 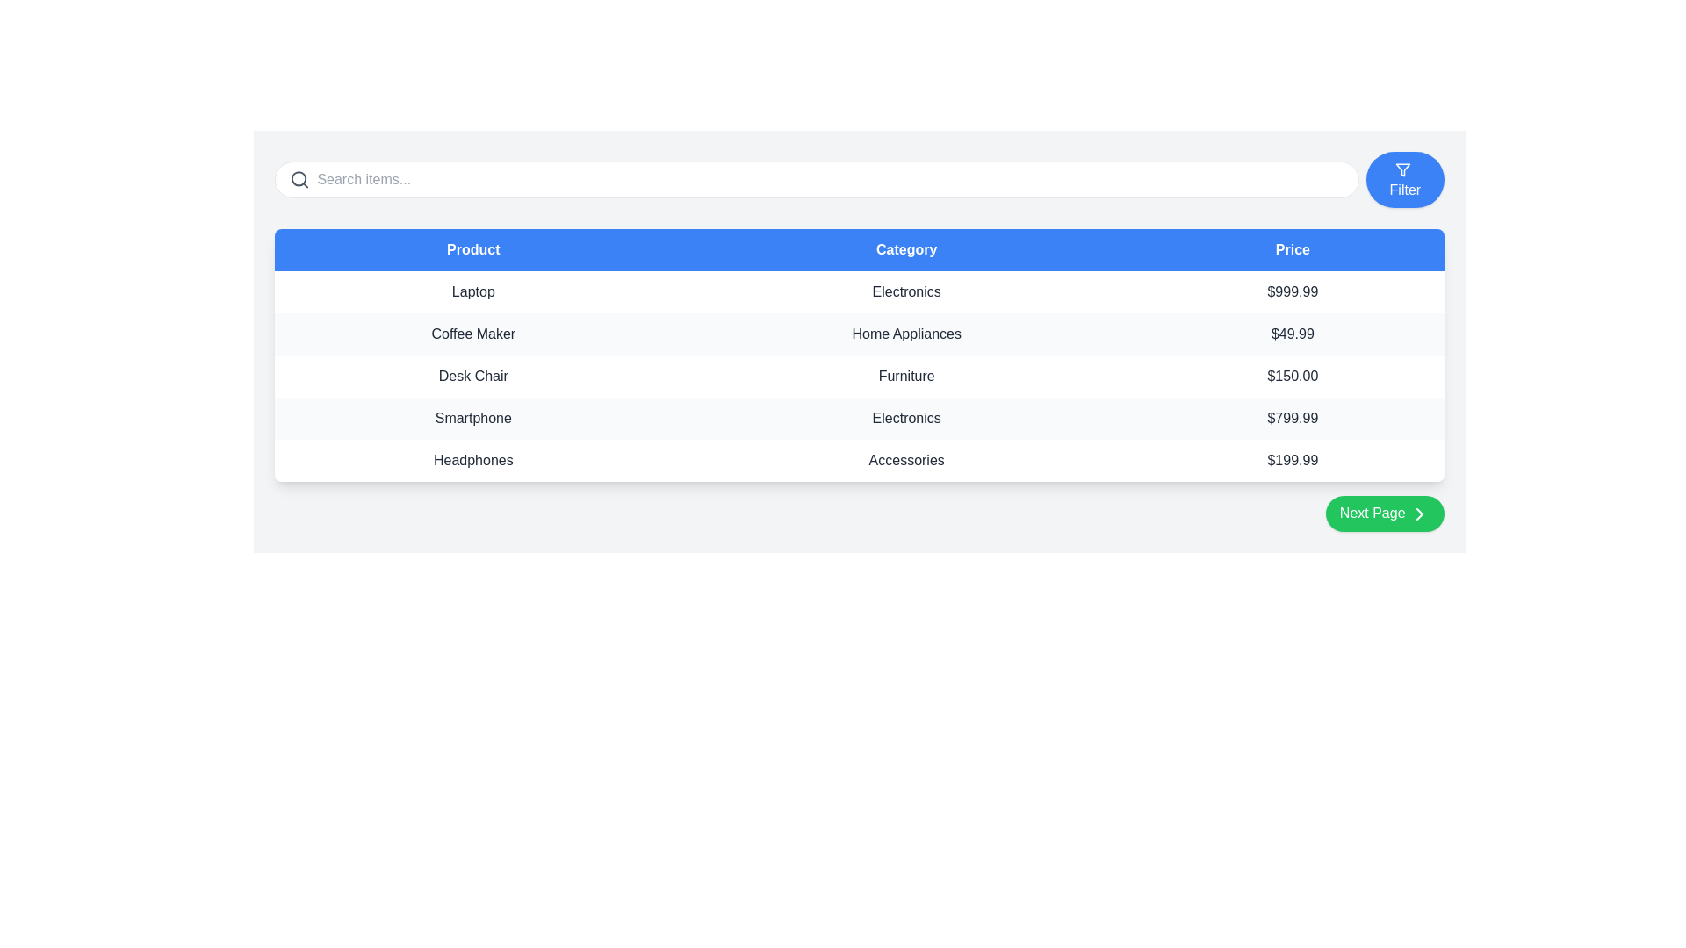 What do you see at coordinates (1402, 169) in the screenshot?
I see `the filter icon, which is a small funnel icon inside the blue 'Filter' button located in the upper-right corner of the interface` at bounding box center [1402, 169].